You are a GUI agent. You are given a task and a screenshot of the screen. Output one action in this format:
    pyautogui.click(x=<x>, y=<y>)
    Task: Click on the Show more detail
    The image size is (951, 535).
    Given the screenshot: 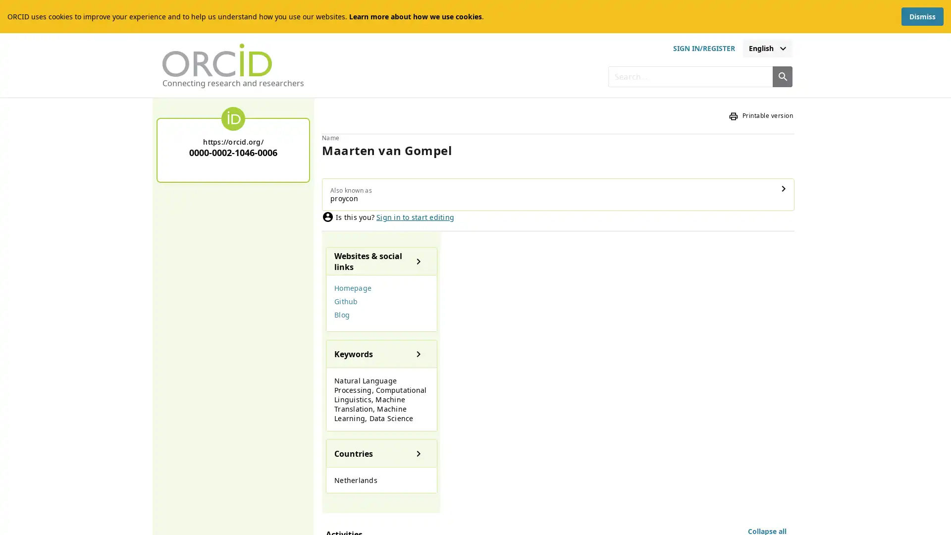 What is the action you would take?
    pyautogui.click(x=755, y=321)
    